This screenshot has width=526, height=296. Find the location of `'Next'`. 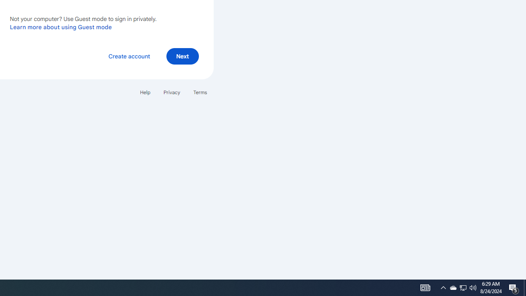

'Next' is located at coordinates (182, 55).